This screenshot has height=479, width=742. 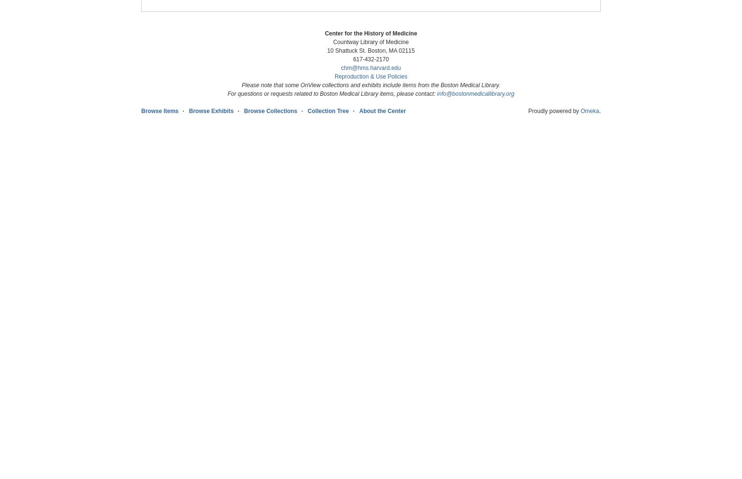 What do you see at coordinates (371, 42) in the screenshot?
I see `'Countway Library of Medicine'` at bounding box center [371, 42].